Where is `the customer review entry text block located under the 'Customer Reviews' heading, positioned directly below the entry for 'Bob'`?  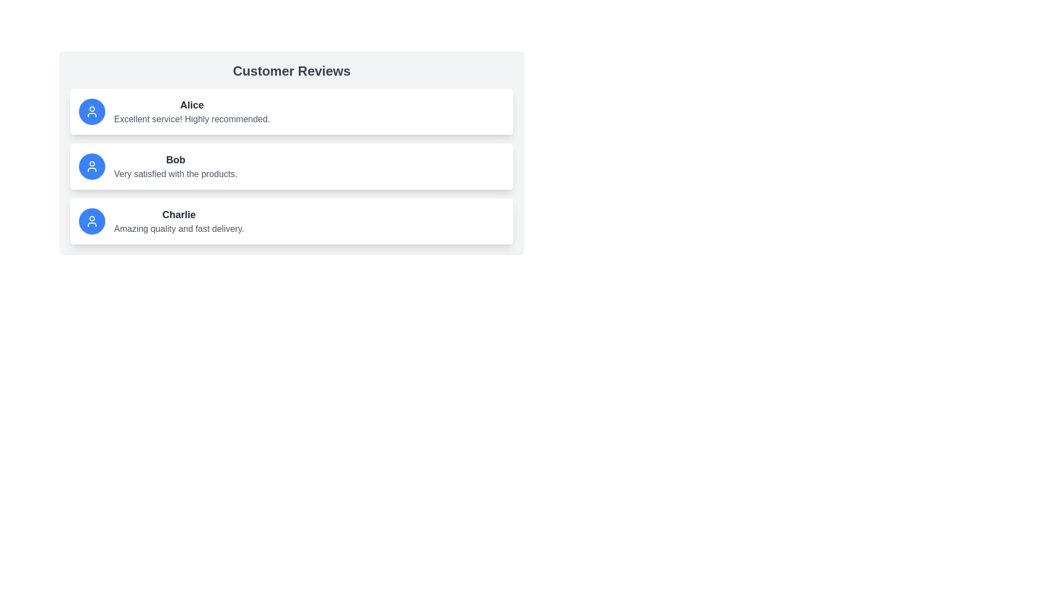
the customer review entry text block located under the 'Customer Reviews' heading, positioned directly below the entry for 'Bob' is located at coordinates (179, 221).